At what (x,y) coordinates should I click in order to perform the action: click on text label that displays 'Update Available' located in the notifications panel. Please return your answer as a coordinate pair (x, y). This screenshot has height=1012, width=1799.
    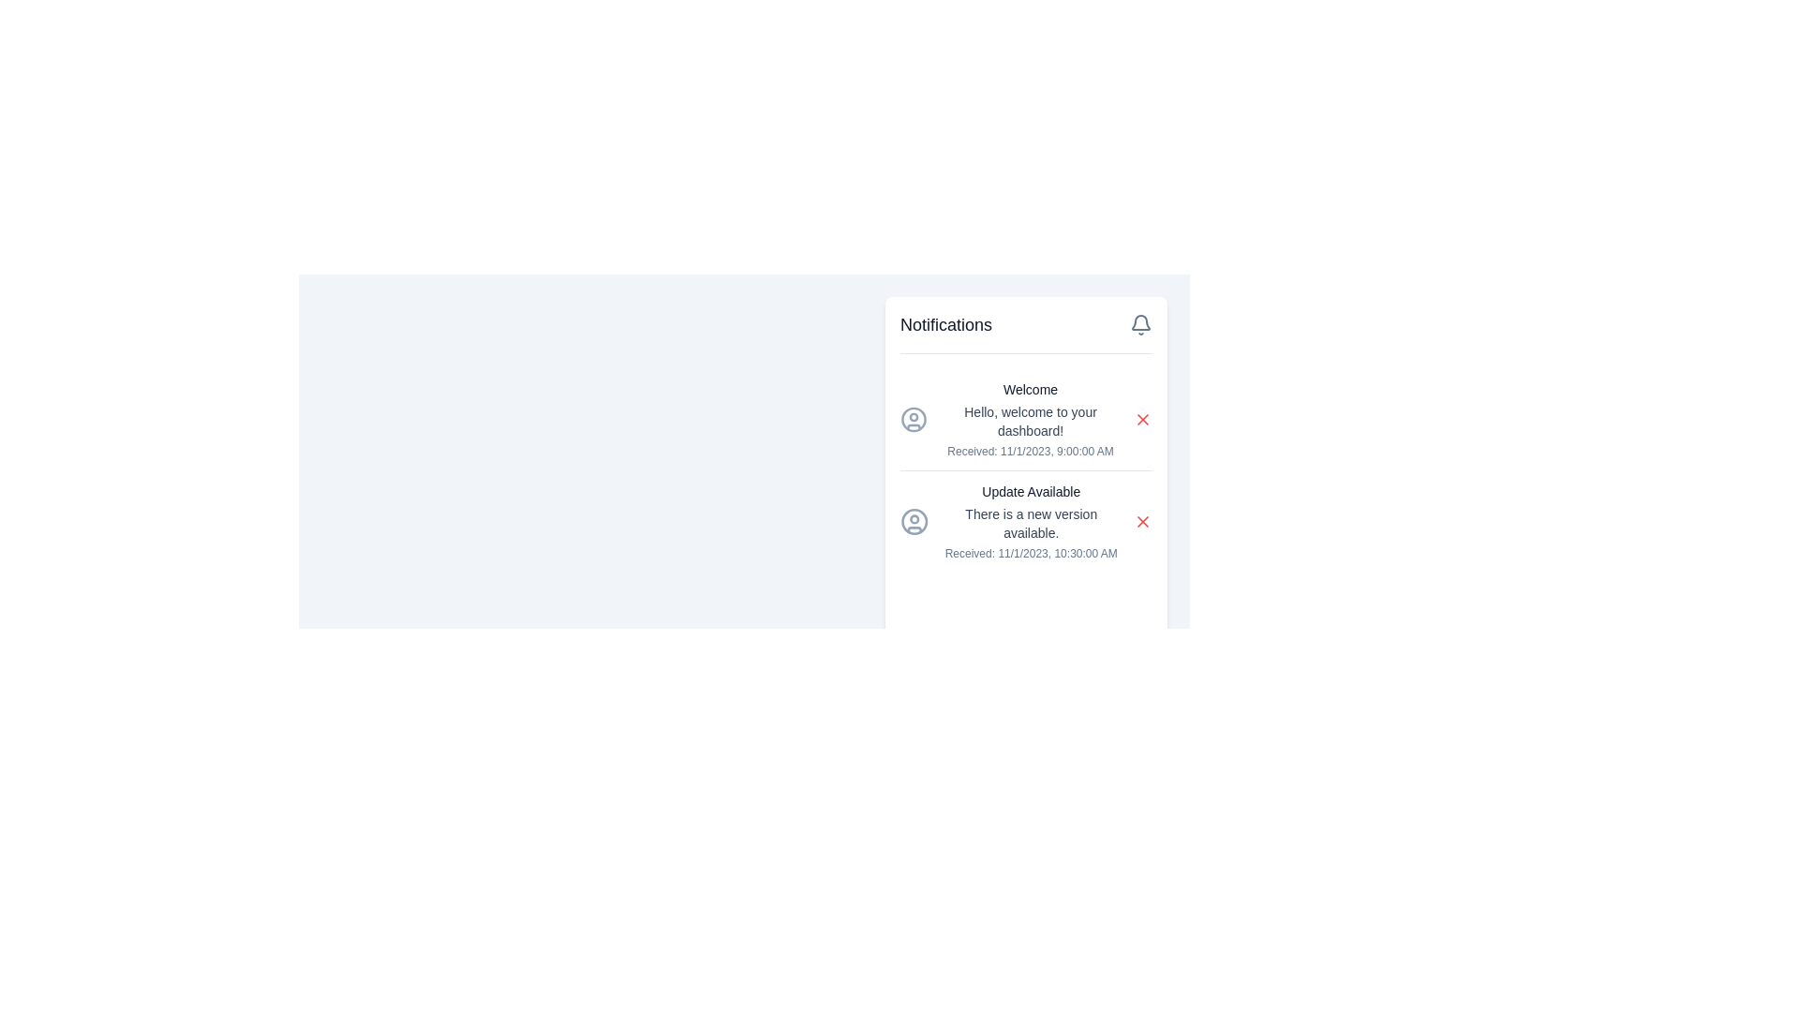
    Looking at the image, I should click on (1030, 490).